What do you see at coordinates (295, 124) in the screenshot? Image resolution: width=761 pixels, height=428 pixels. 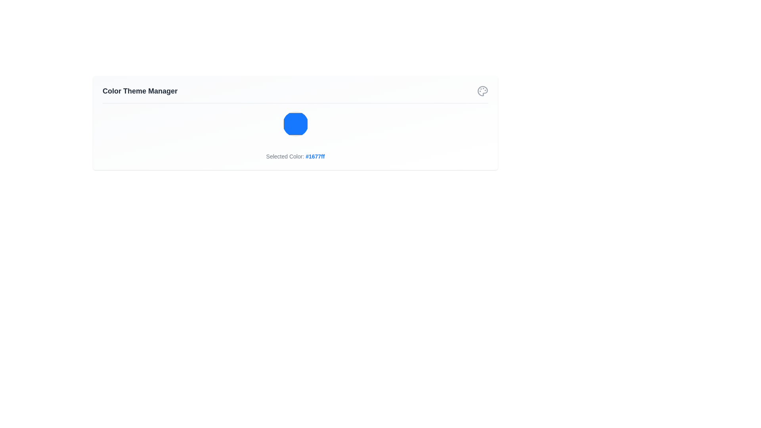 I see `the circular color selector button in the Color Theme Manager` at bounding box center [295, 124].